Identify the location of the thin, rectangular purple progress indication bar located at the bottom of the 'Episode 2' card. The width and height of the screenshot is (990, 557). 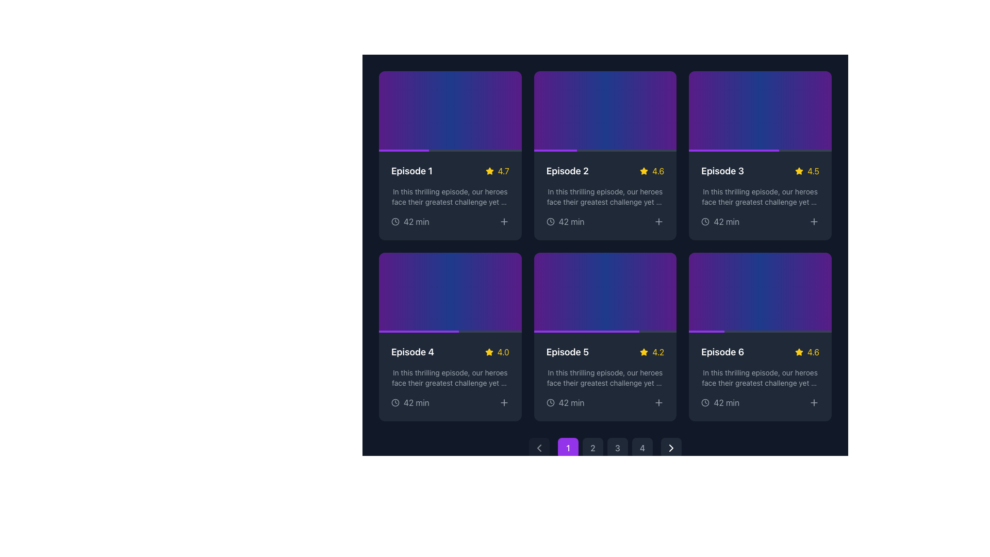
(555, 150).